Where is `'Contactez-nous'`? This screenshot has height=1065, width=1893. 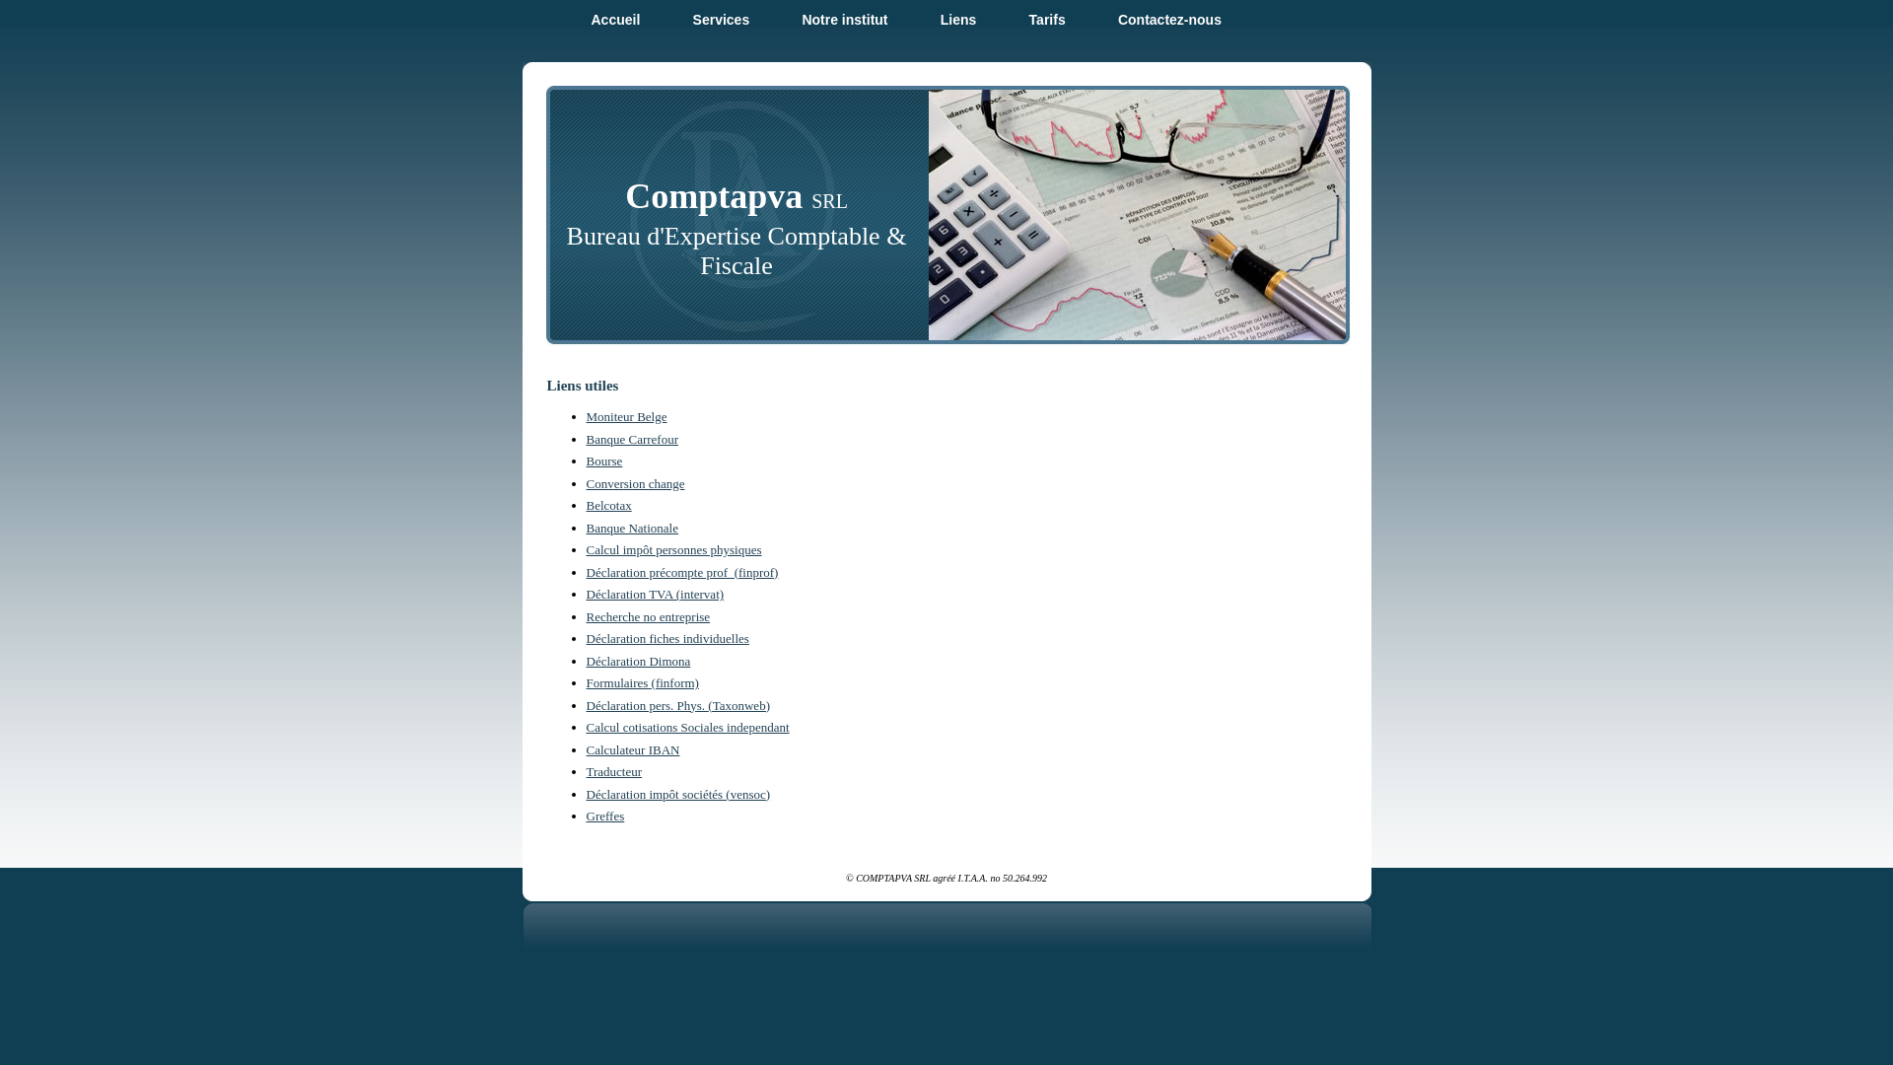 'Contactez-nous' is located at coordinates (1169, 19).